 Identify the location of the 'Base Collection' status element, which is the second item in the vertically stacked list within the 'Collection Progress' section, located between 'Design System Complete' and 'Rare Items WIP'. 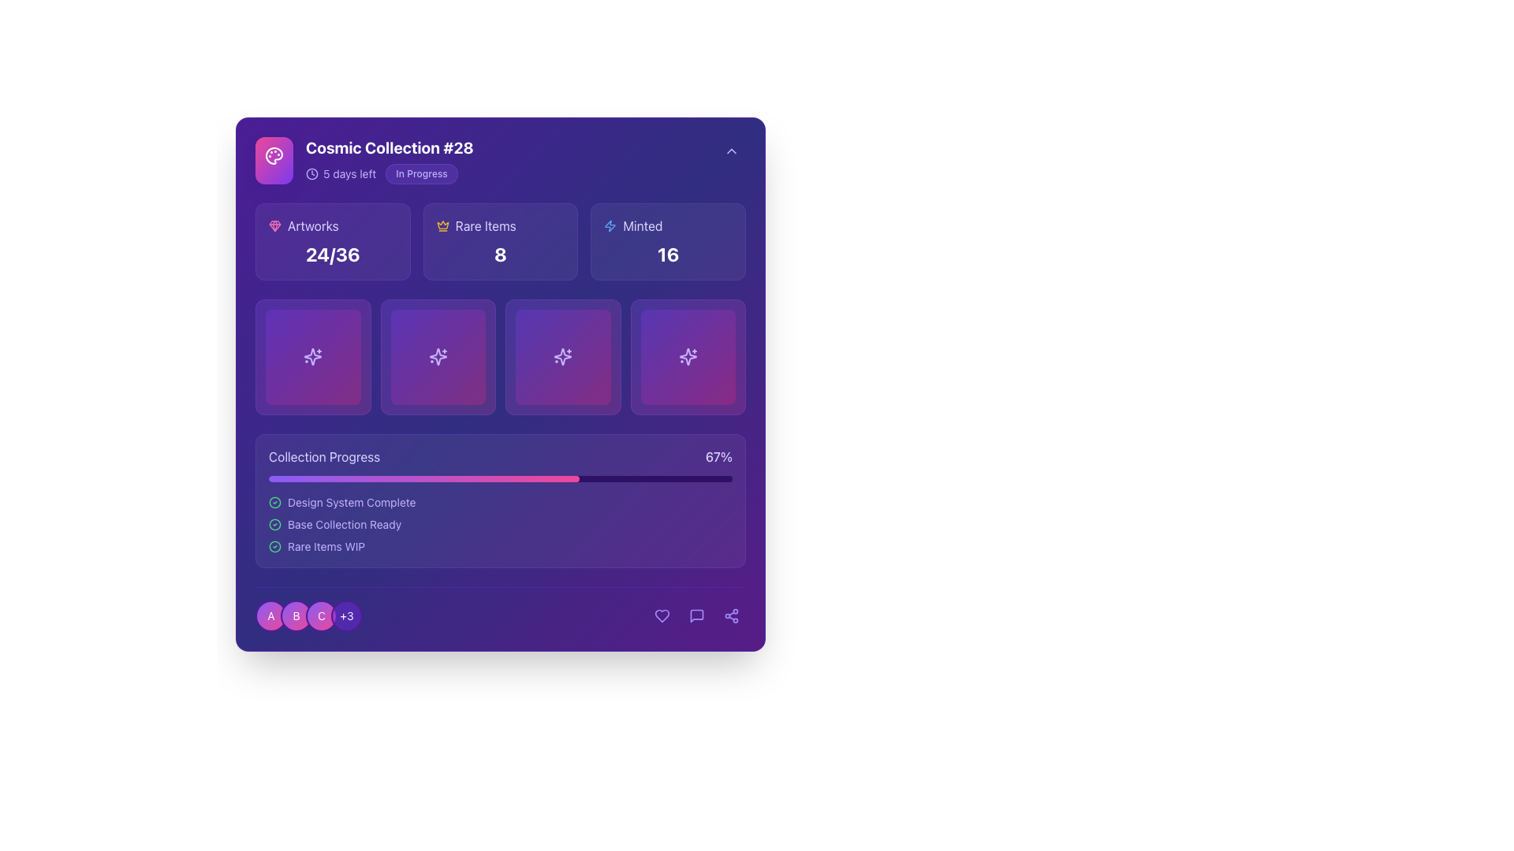
(499, 524).